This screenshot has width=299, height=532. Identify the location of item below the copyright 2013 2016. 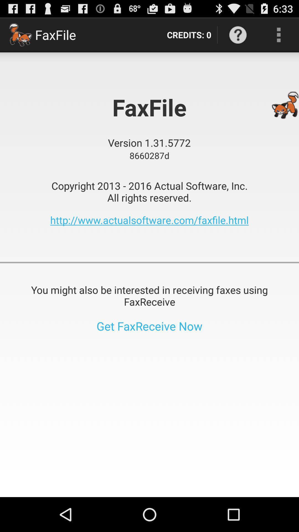
(149, 220).